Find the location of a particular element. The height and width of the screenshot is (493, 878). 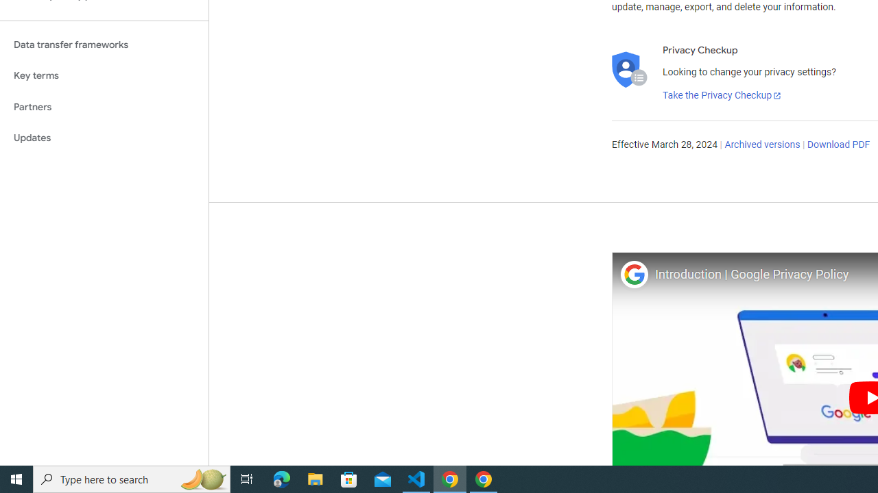

'Download PDF' is located at coordinates (838, 145).